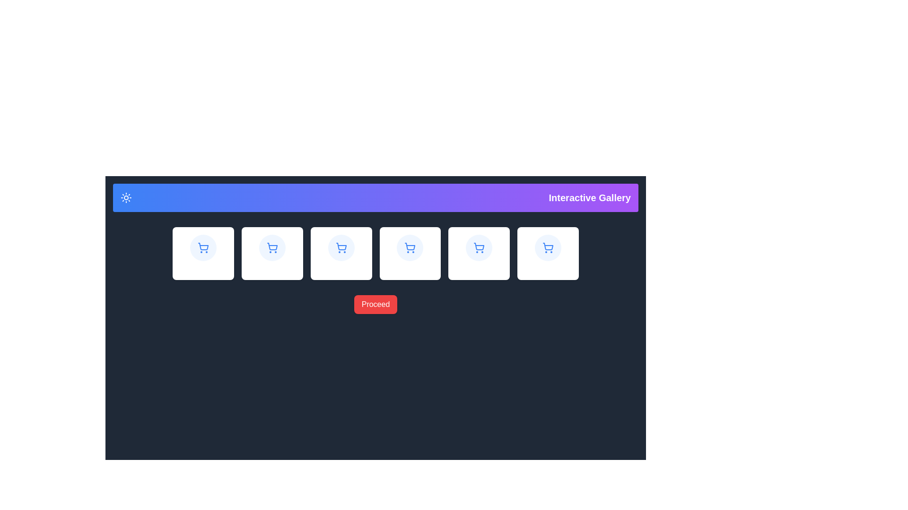 The image size is (908, 510). Describe the element at coordinates (271, 247) in the screenshot. I see `the third rounded button with a soft blue background and a shopping cart icon in the center` at that location.